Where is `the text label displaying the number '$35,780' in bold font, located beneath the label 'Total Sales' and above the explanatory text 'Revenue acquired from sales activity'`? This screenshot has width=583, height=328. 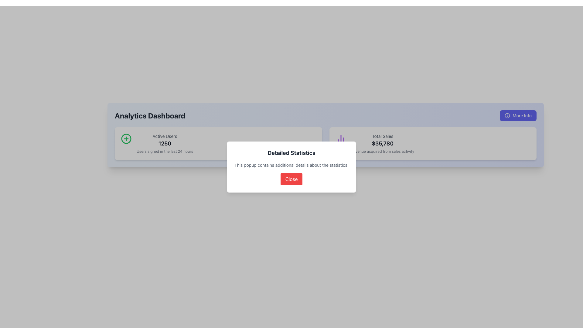
the text label displaying the number '$35,780' in bold font, located beneath the label 'Total Sales' and above the explanatory text 'Revenue acquired from sales activity' is located at coordinates (382, 144).